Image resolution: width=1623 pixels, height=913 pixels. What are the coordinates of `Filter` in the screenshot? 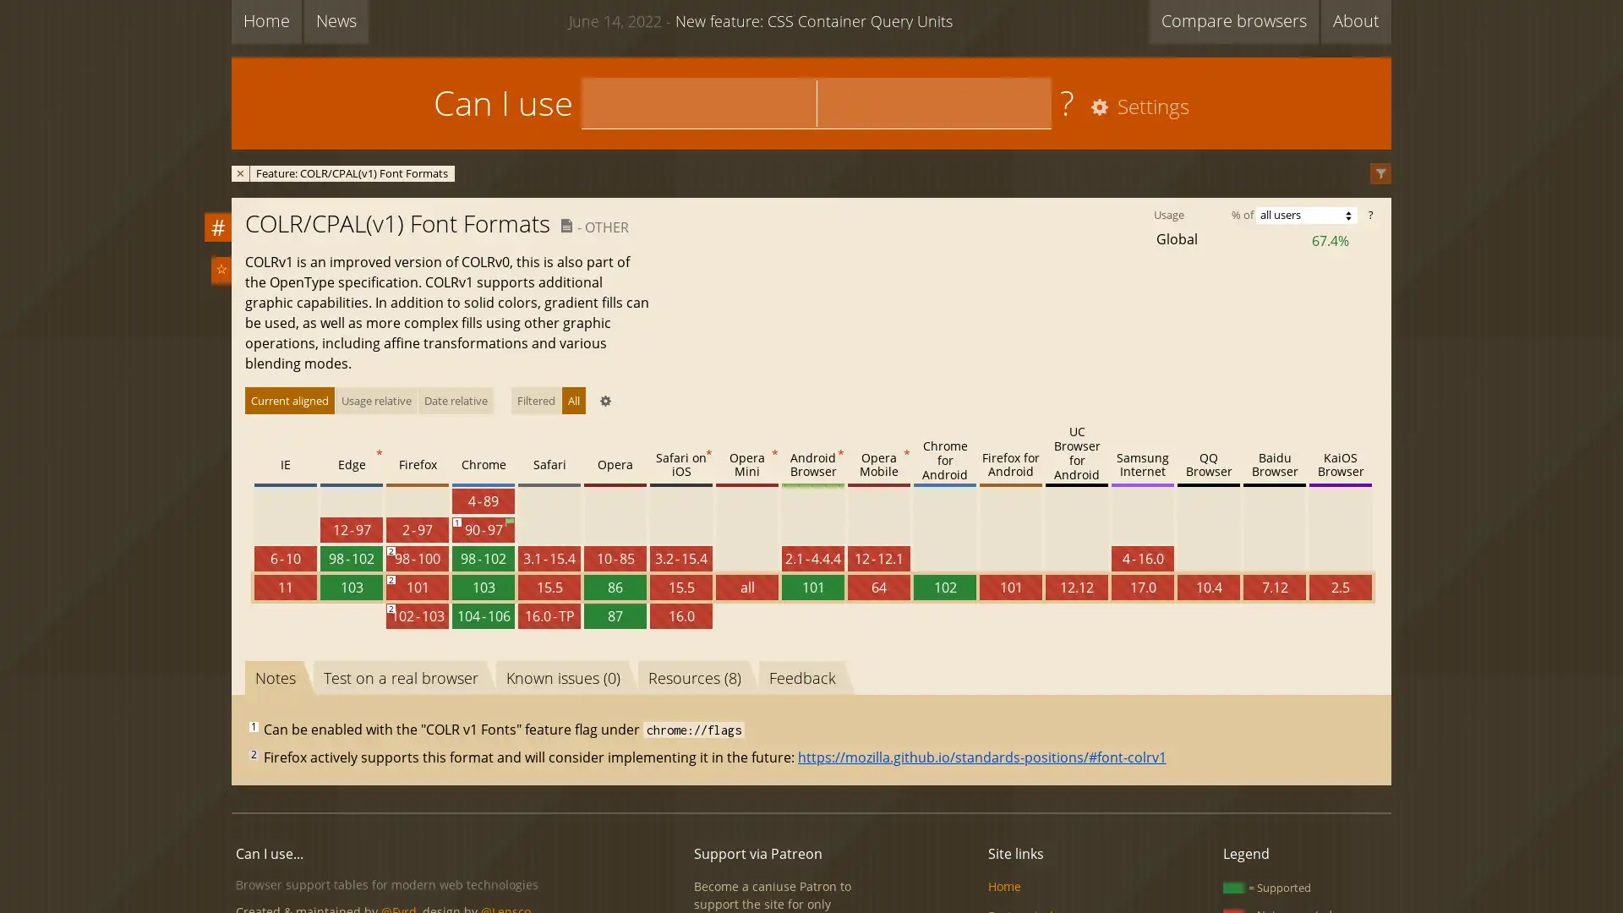 It's located at (1380, 173).